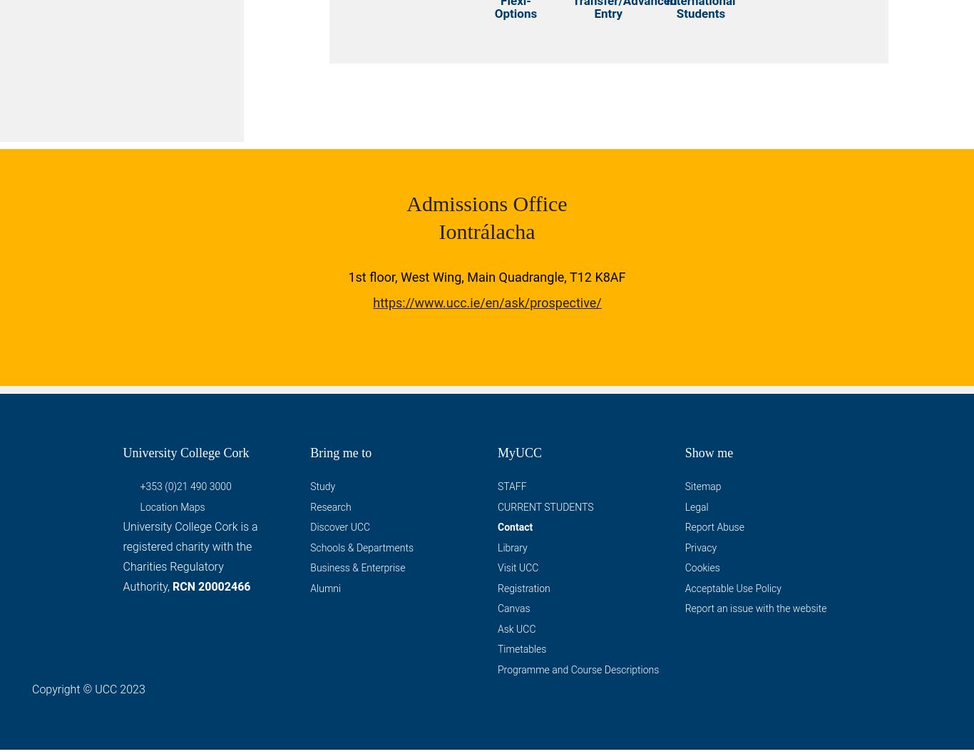  What do you see at coordinates (577, 673) in the screenshot?
I see `'Programme and Course Descriptions'` at bounding box center [577, 673].